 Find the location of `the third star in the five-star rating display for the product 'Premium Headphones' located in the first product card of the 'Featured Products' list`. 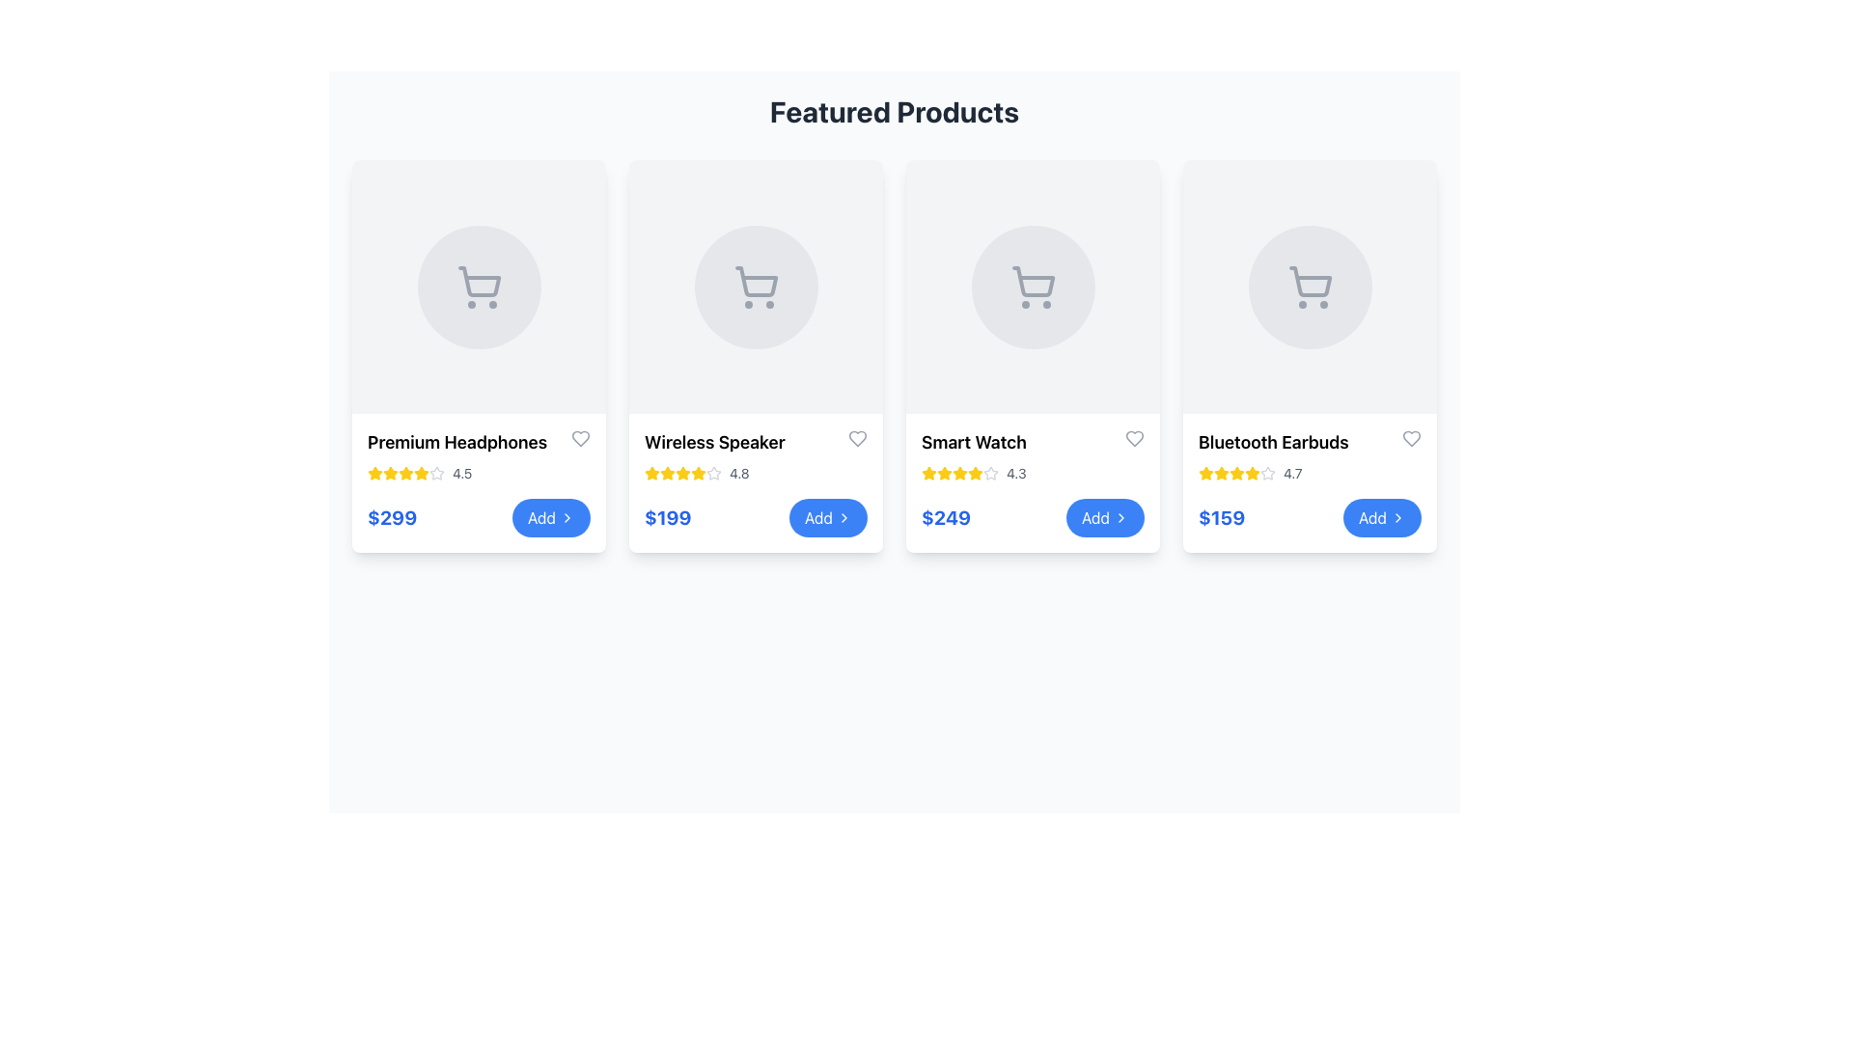

the third star in the five-star rating display for the product 'Premium Headphones' located in the first product card of the 'Featured Products' list is located at coordinates (405, 473).